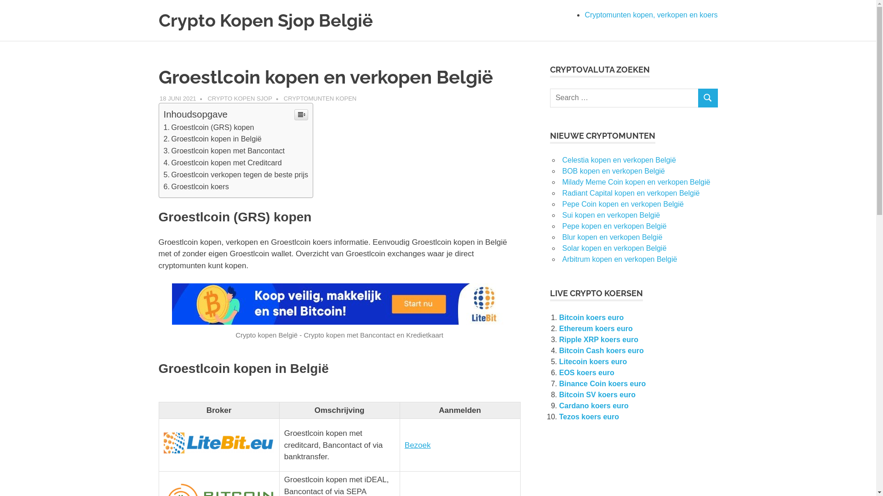 Image resolution: width=883 pixels, height=496 pixels. I want to click on 'Litecoin koers euro', so click(558, 361).